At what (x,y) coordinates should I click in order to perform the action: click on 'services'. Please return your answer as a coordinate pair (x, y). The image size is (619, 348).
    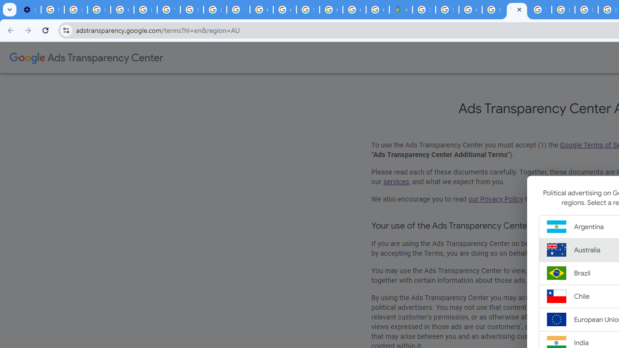
    Looking at the image, I should click on (396, 182).